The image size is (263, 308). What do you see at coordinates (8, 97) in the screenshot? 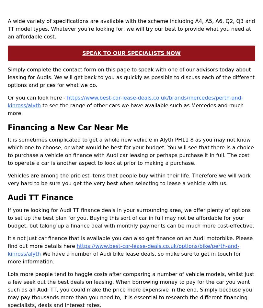
I see `'Or you can look here -'` at bounding box center [8, 97].